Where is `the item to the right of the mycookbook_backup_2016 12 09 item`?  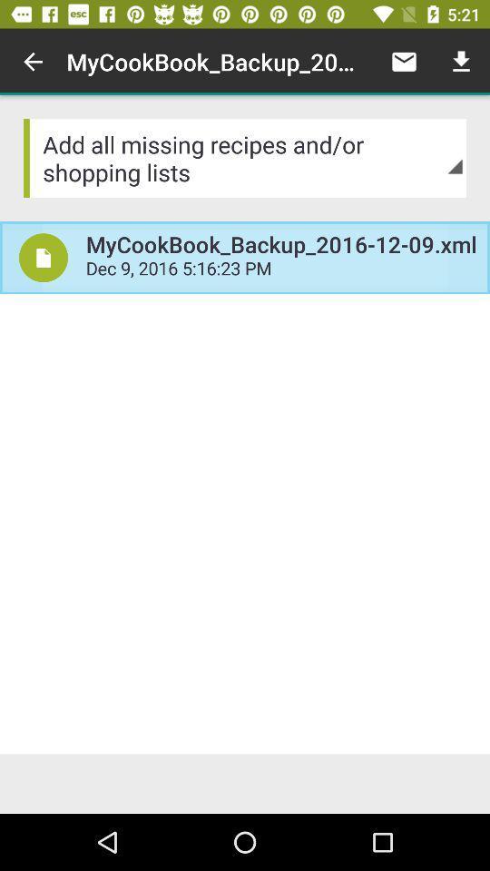 the item to the right of the mycookbook_backup_2016 12 09 item is located at coordinates (404, 62).